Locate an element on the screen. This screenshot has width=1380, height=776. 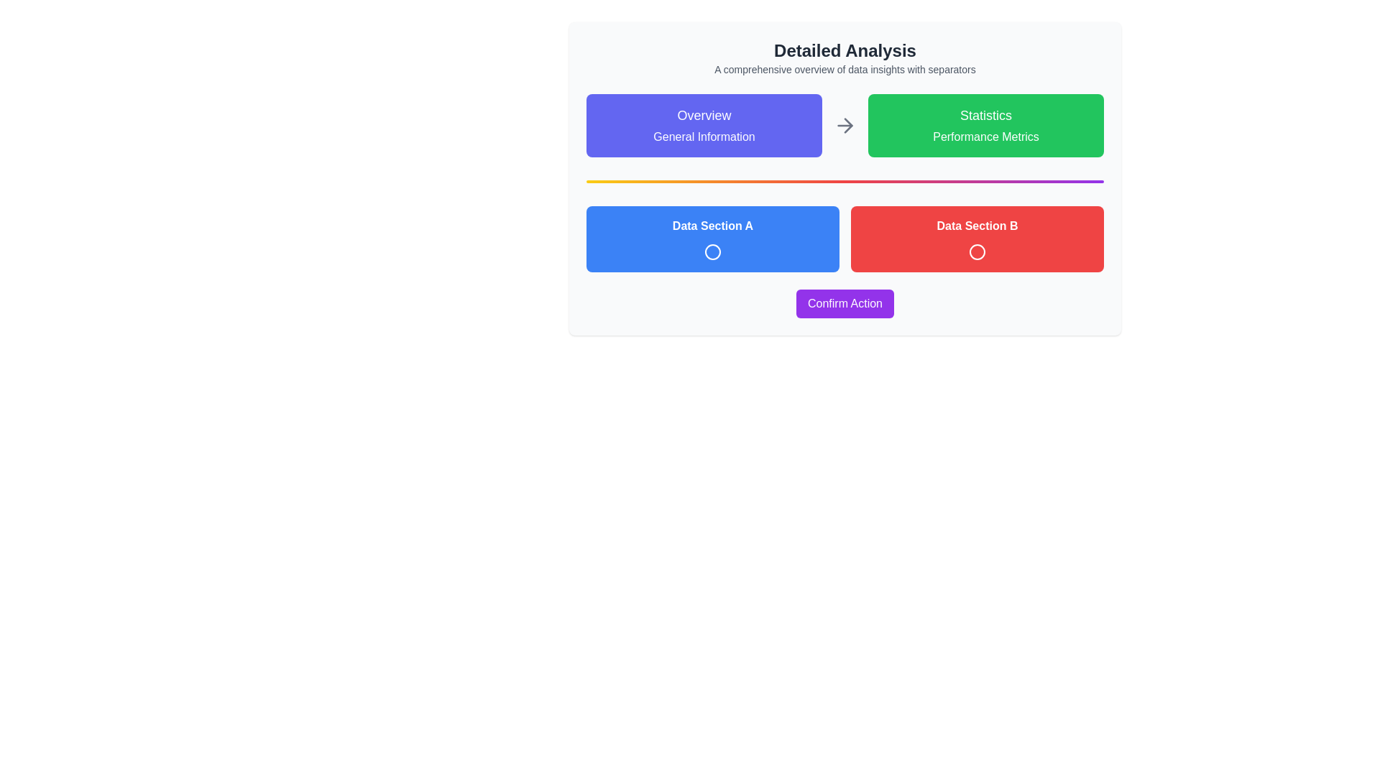
the decorative SVG circle graphic that indicates status within the 'Data Section A' button, located at the bottom left quadrant of the interface is located at coordinates (713, 251).